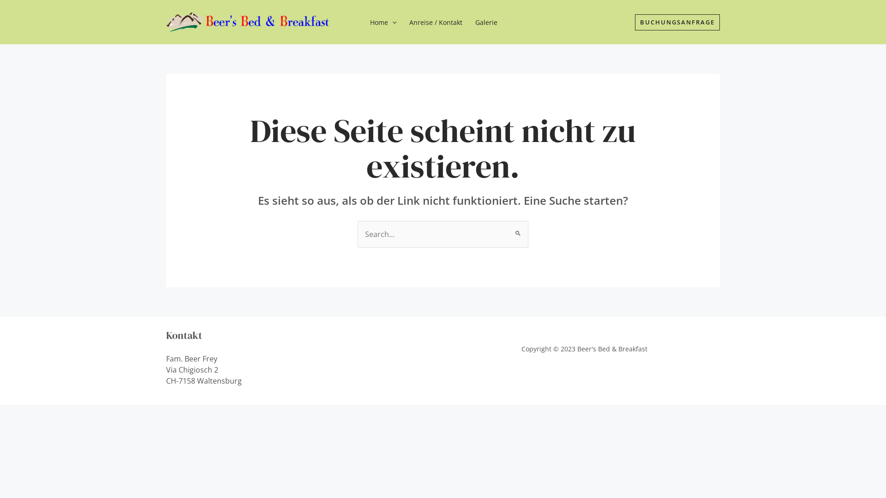 The height and width of the screenshot is (498, 886). Describe the element at coordinates (518, 229) in the screenshot. I see `'Suche'` at that location.